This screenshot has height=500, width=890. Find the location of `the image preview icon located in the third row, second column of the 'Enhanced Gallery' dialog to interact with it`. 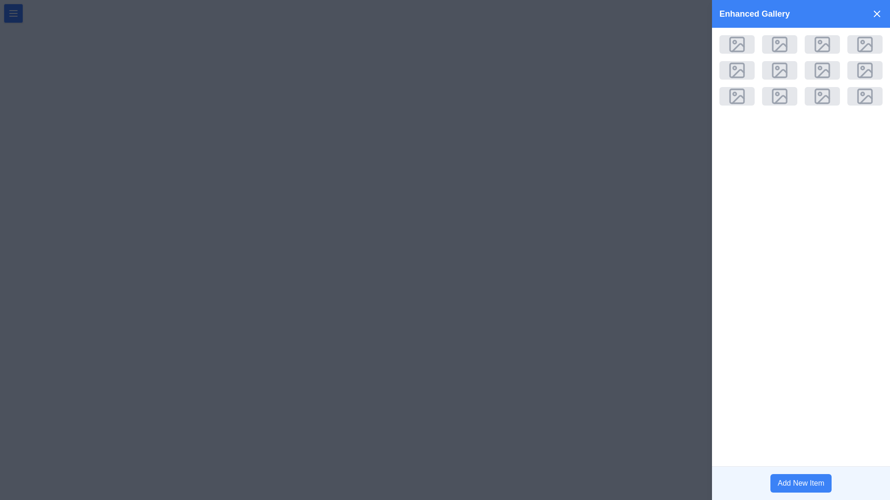

the image preview icon located in the third row, second column of the 'Enhanced Gallery' dialog to interact with it is located at coordinates (779, 96).